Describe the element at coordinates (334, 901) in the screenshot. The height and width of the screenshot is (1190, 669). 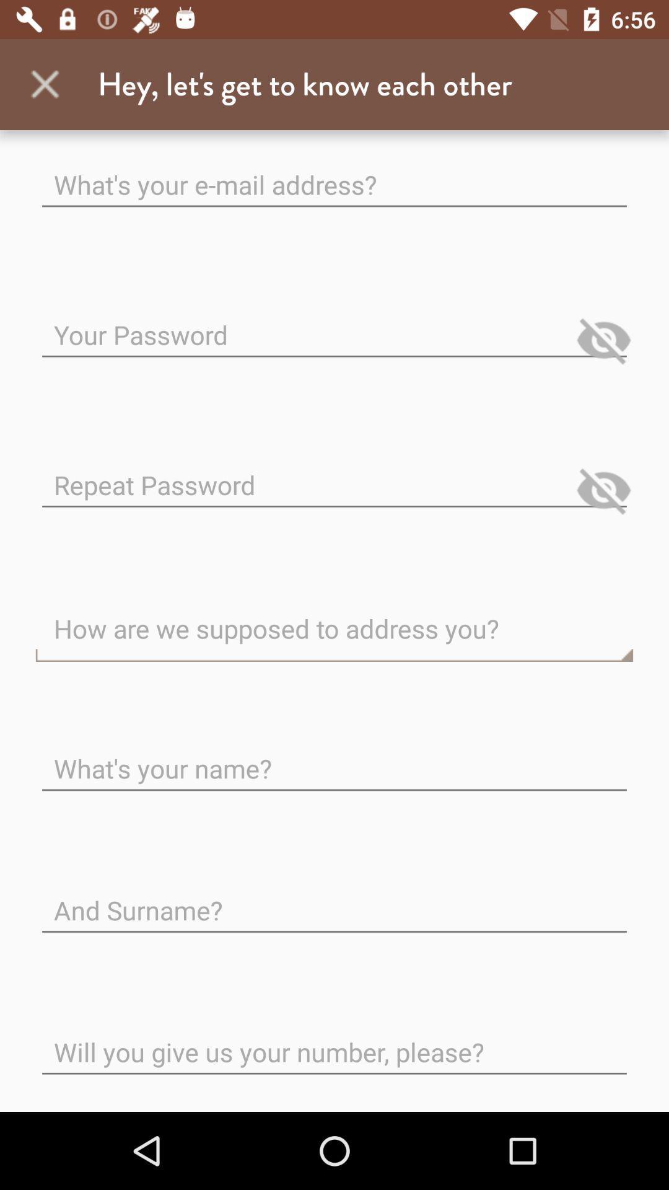
I see `the surname icon` at that location.